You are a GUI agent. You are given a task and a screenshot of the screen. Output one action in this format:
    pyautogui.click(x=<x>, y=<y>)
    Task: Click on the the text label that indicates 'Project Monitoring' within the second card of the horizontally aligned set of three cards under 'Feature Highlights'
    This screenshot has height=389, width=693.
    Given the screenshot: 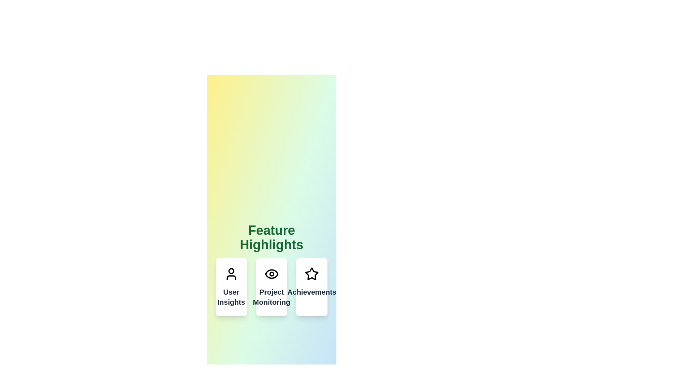 What is the action you would take?
    pyautogui.click(x=271, y=297)
    